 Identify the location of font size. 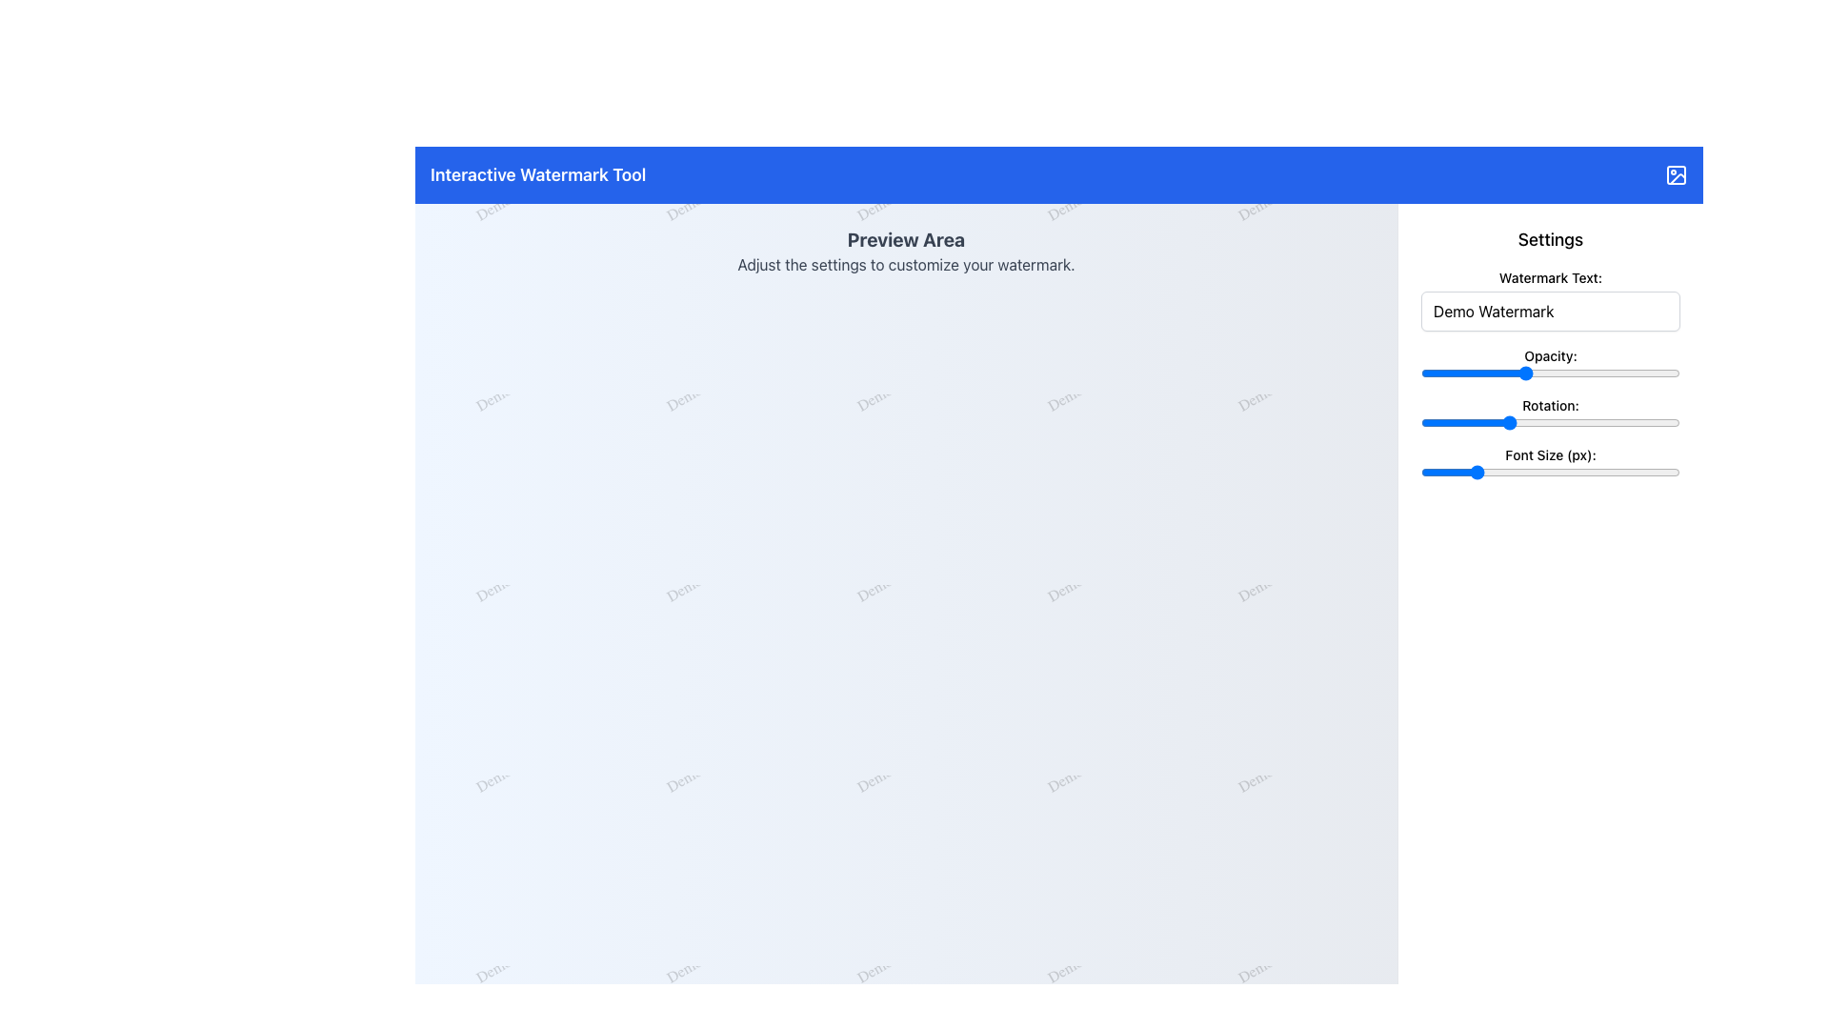
(1670, 472).